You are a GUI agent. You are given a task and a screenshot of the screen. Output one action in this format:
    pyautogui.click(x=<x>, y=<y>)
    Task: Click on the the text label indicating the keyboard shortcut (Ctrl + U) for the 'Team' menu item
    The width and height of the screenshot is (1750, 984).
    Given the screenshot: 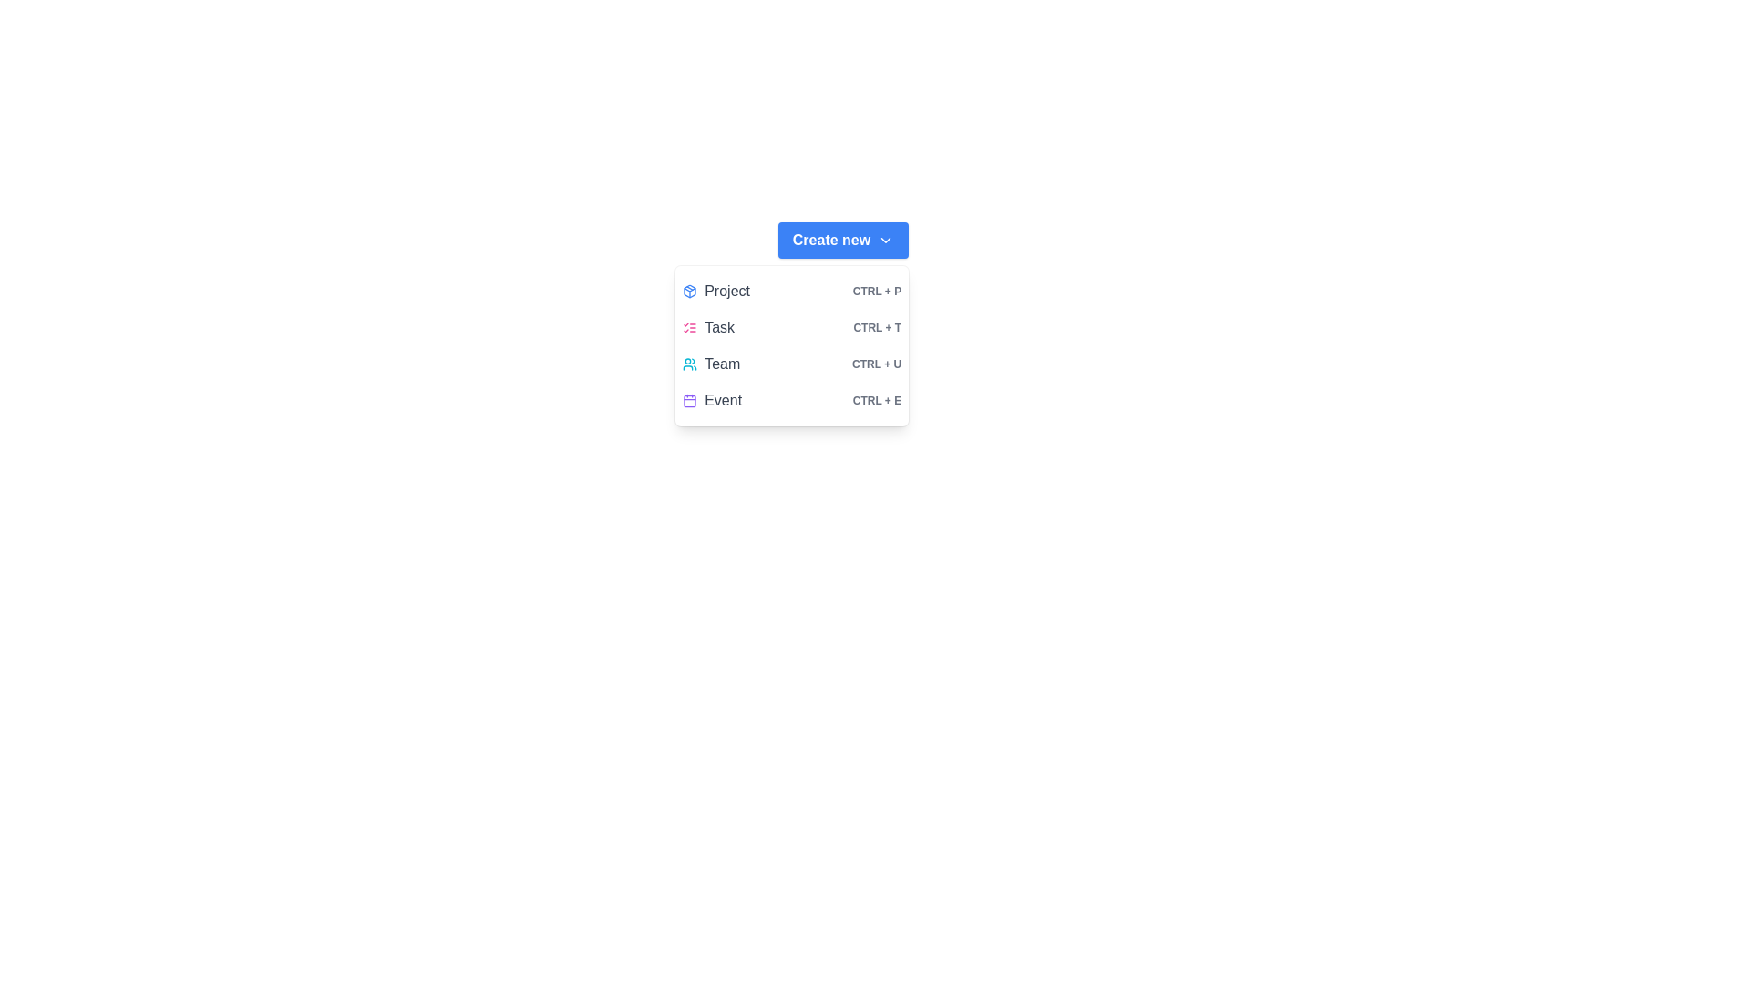 What is the action you would take?
    pyautogui.click(x=877, y=364)
    